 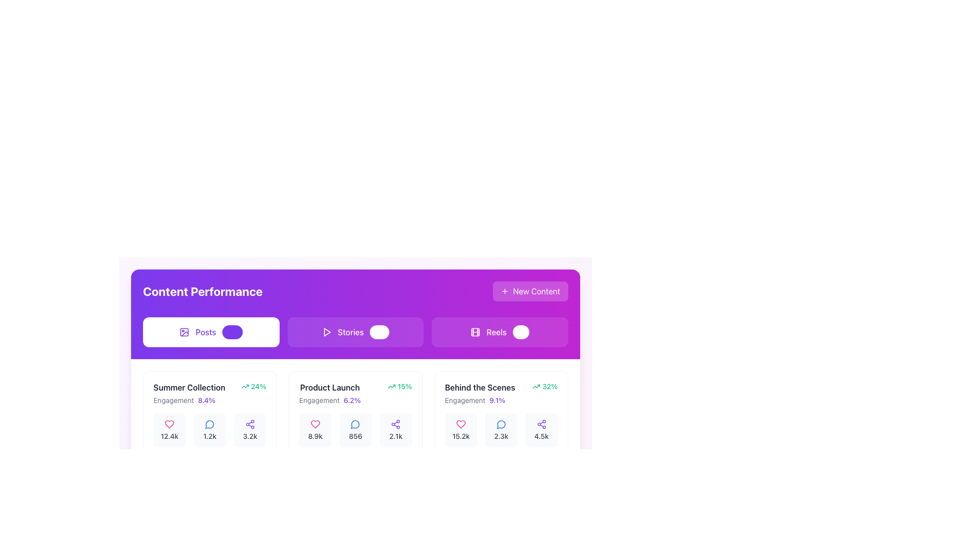 I want to click on the text display element showing 'Engagement' with the percentage '6.2%', located in the lower section of the 'Product Launch' card in the middle column, so click(x=330, y=400).